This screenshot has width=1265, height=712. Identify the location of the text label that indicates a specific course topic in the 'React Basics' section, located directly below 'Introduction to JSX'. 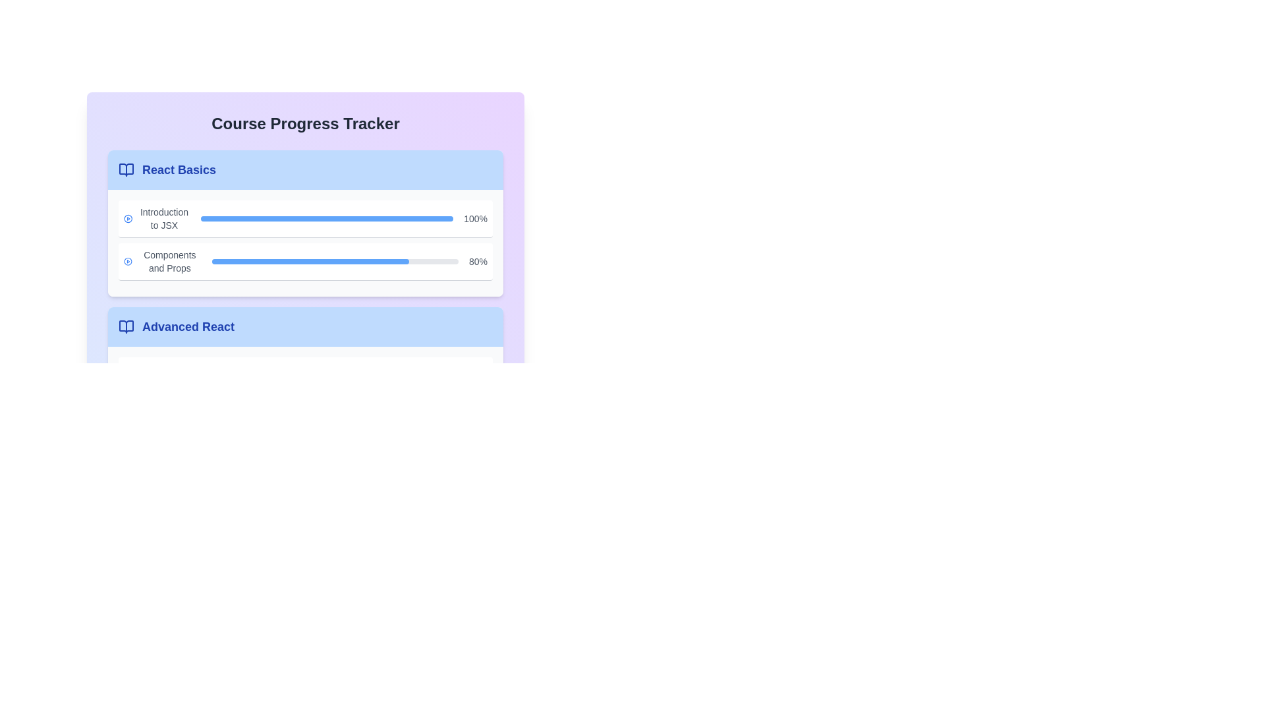
(169, 262).